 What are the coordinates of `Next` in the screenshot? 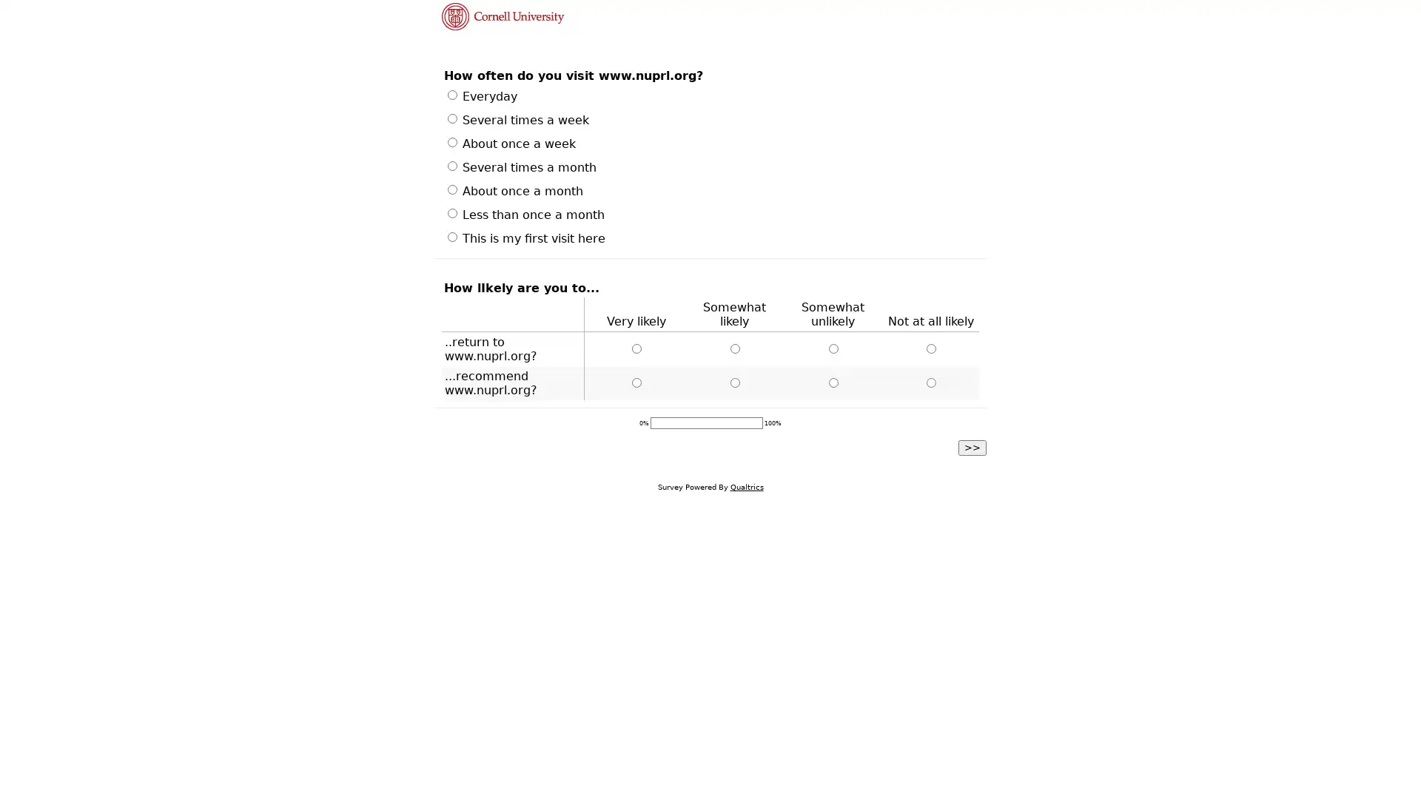 It's located at (972, 446).